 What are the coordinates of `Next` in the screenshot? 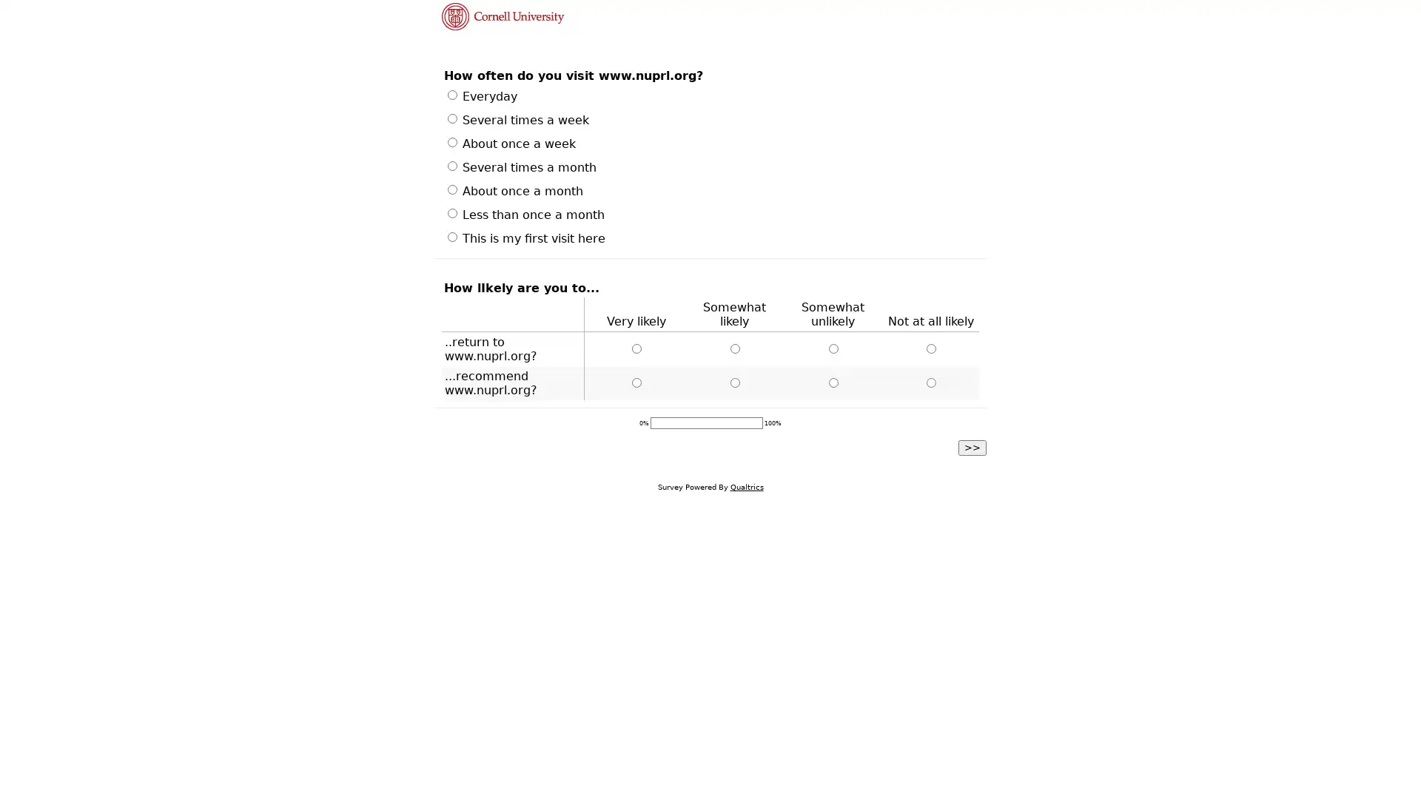 It's located at (972, 446).